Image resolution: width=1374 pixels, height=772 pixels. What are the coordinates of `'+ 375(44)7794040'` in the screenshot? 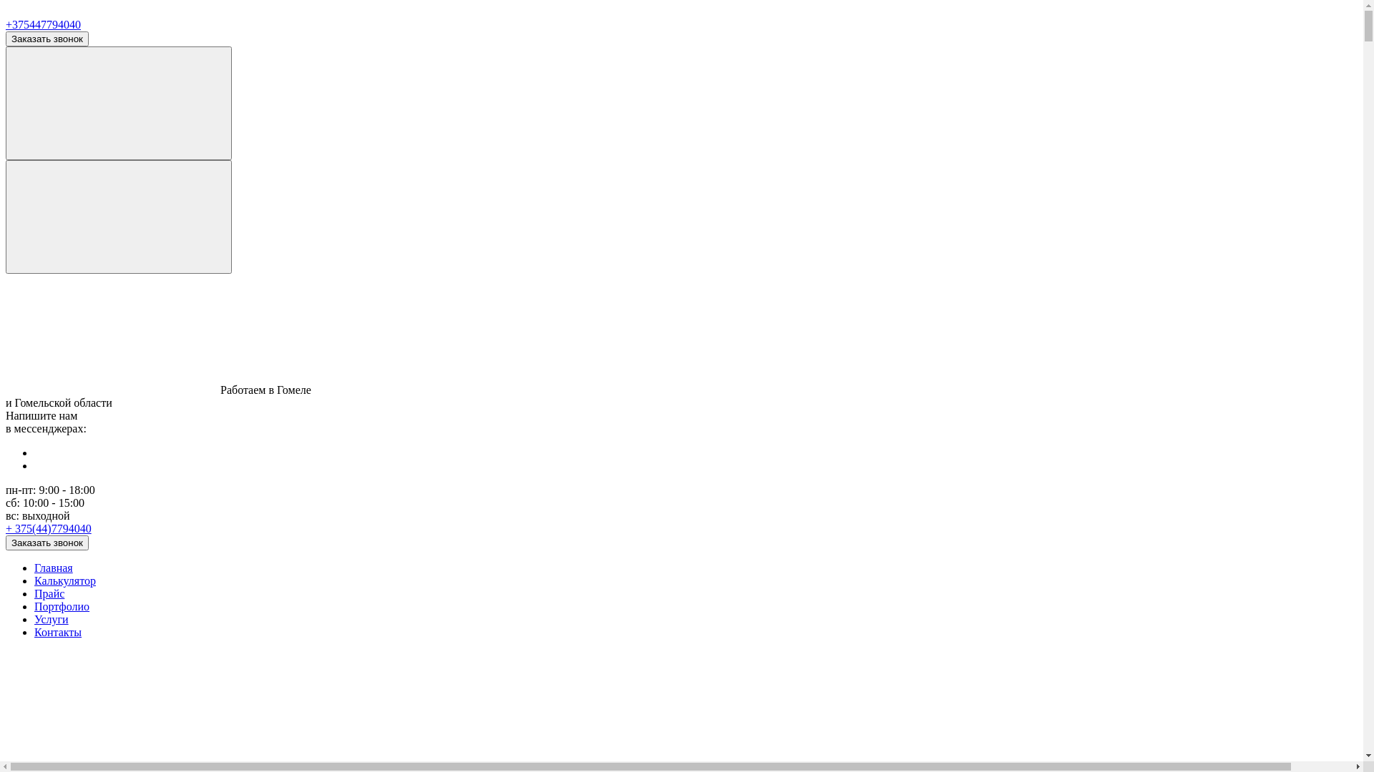 It's located at (48, 528).